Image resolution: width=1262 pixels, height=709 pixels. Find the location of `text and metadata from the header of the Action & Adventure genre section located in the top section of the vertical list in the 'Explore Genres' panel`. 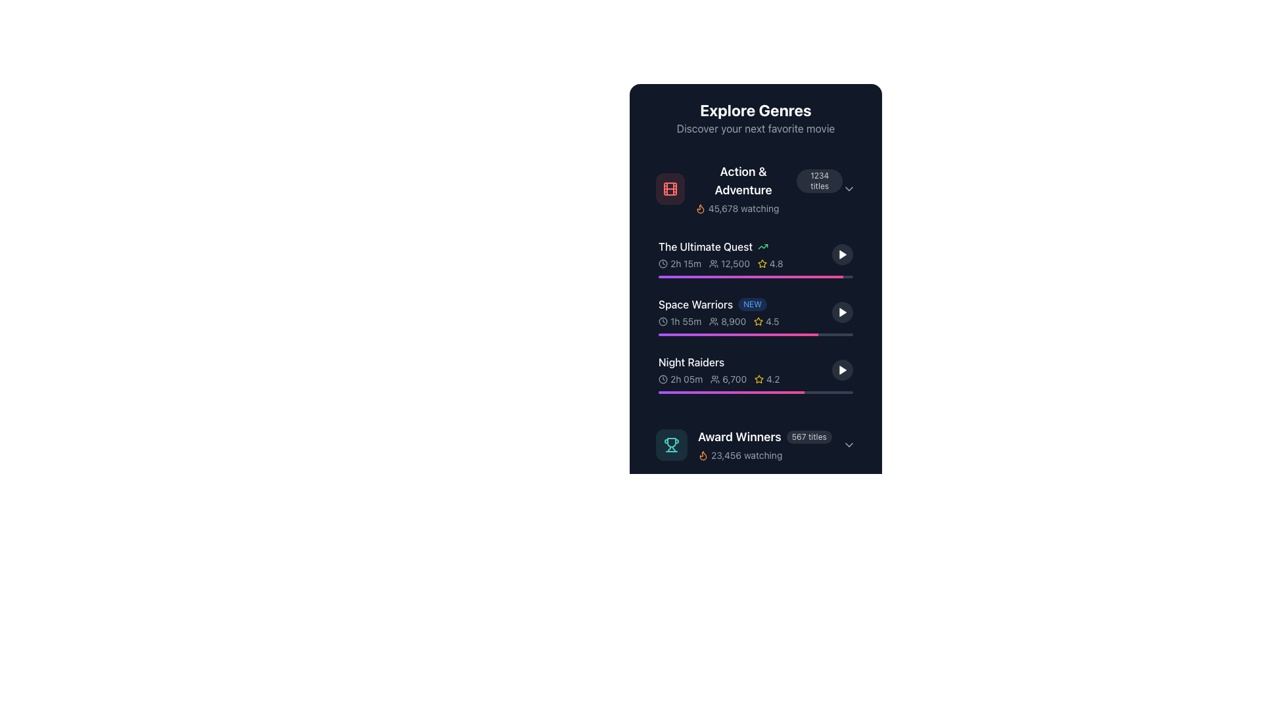

text and metadata from the header of the Action & Adventure genre section located in the top section of the vertical list in the 'Explore Genres' panel is located at coordinates (768, 189).